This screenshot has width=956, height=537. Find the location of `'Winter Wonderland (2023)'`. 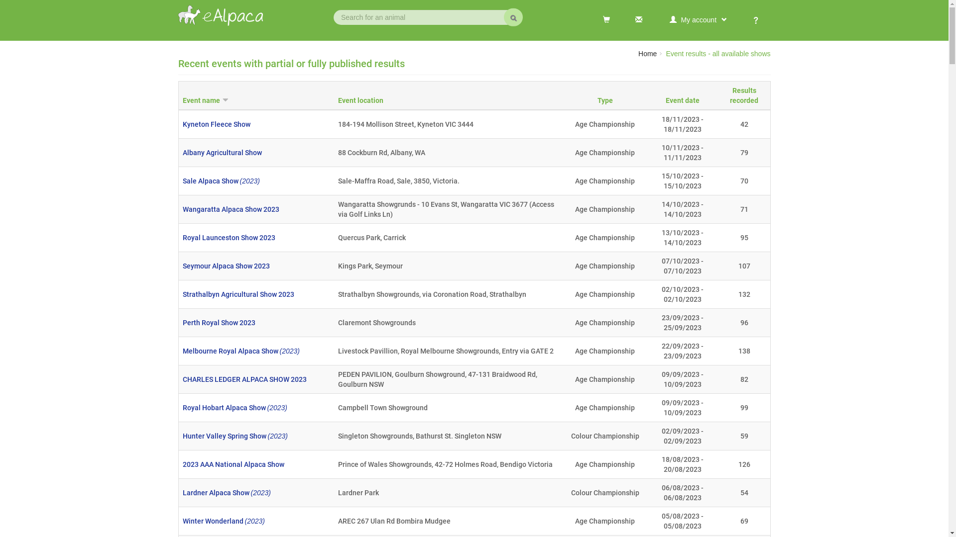

'Winter Wonderland (2023)' is located at coordinates (182, 521).